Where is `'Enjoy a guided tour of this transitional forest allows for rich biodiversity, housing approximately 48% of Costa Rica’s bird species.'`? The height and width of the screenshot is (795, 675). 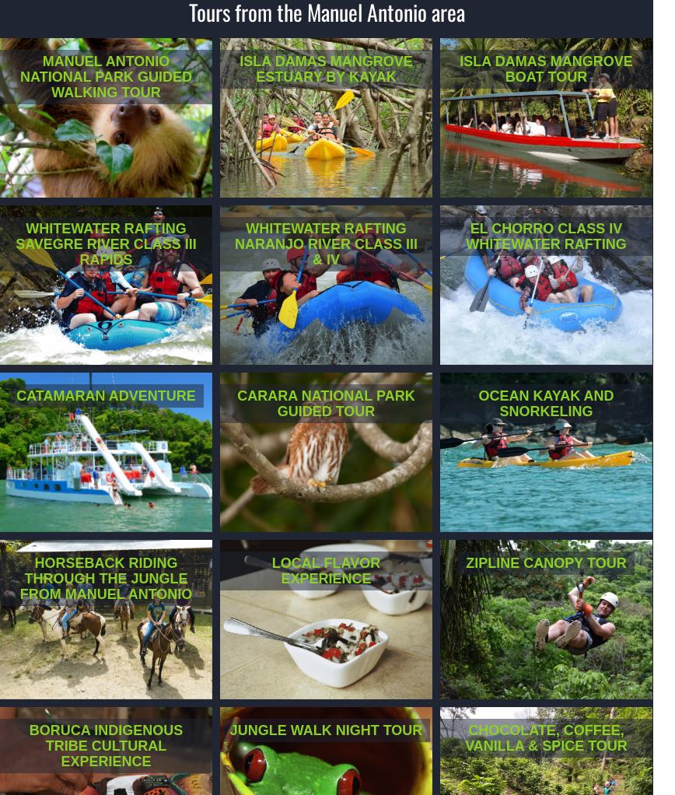 'Enjoy a guided tour of this transitional forest allows for rich biodiversity, housing approximately 48% of Costa Rica’s bird species.' is located at coordinates (320, 464).